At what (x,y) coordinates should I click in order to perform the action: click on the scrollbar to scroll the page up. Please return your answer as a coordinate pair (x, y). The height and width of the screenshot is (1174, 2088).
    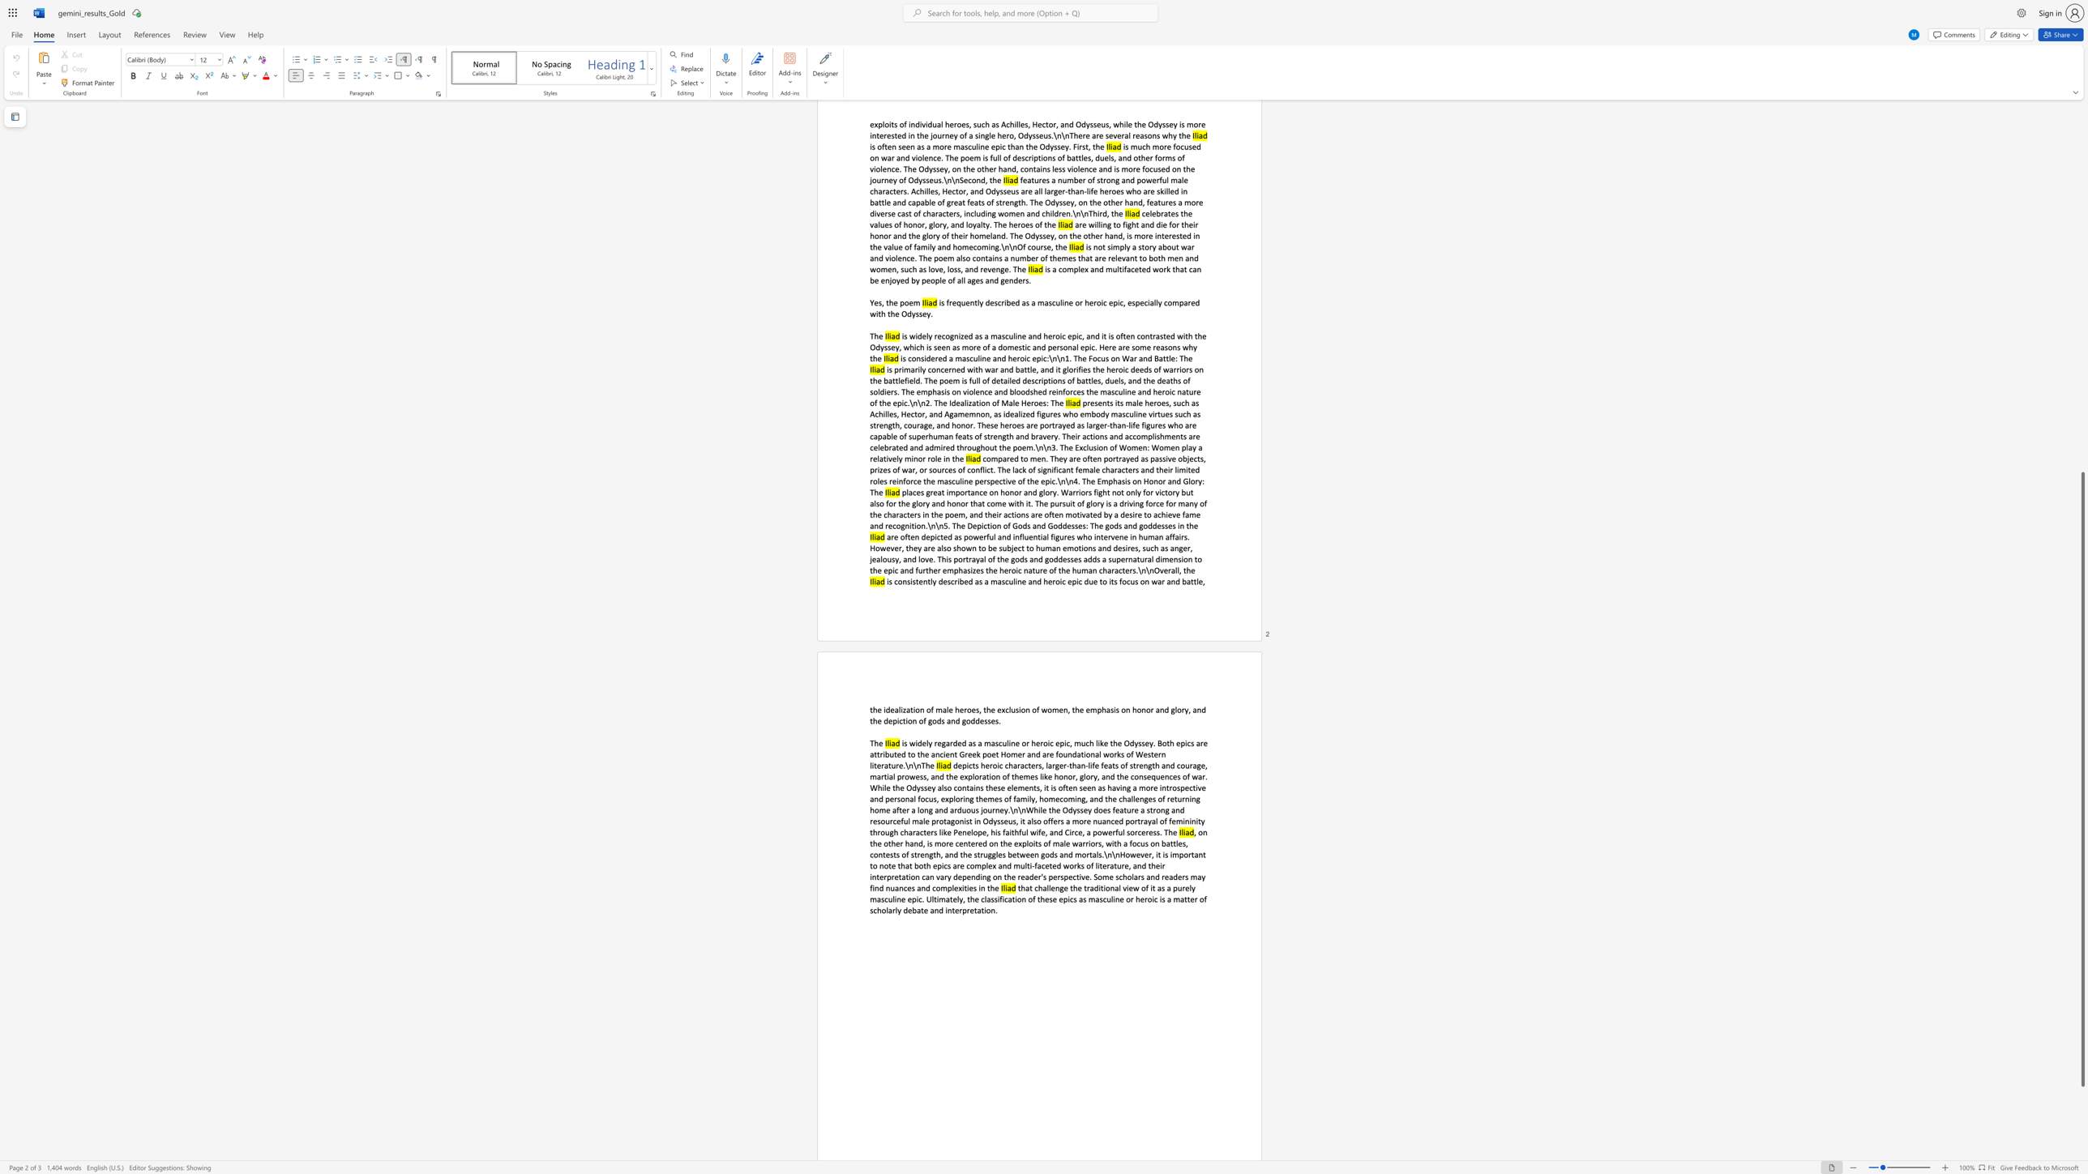
    Looking at the image, I should click on (2082, 222).